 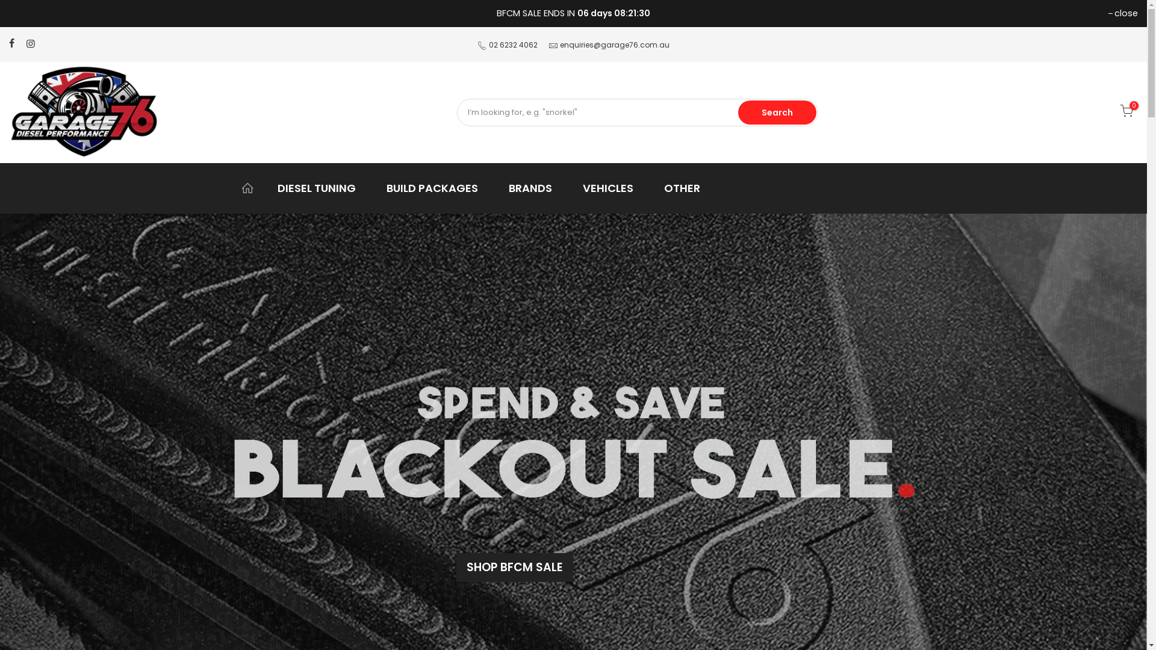 I want to click on 'VEHICLES', so click(x=612, y=188).